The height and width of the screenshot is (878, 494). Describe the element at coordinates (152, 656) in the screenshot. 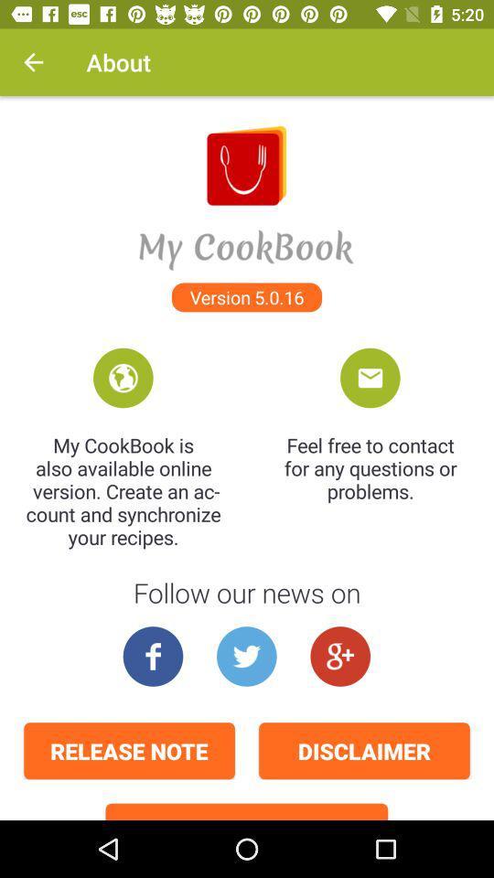

I see `the facebook icon` at that location.